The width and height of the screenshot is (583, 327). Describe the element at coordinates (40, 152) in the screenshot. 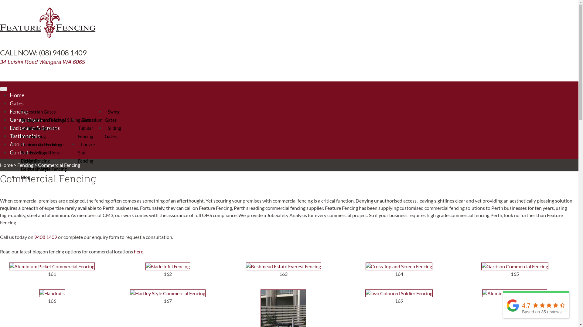

I see `'Terms & Conditions'` at that location.